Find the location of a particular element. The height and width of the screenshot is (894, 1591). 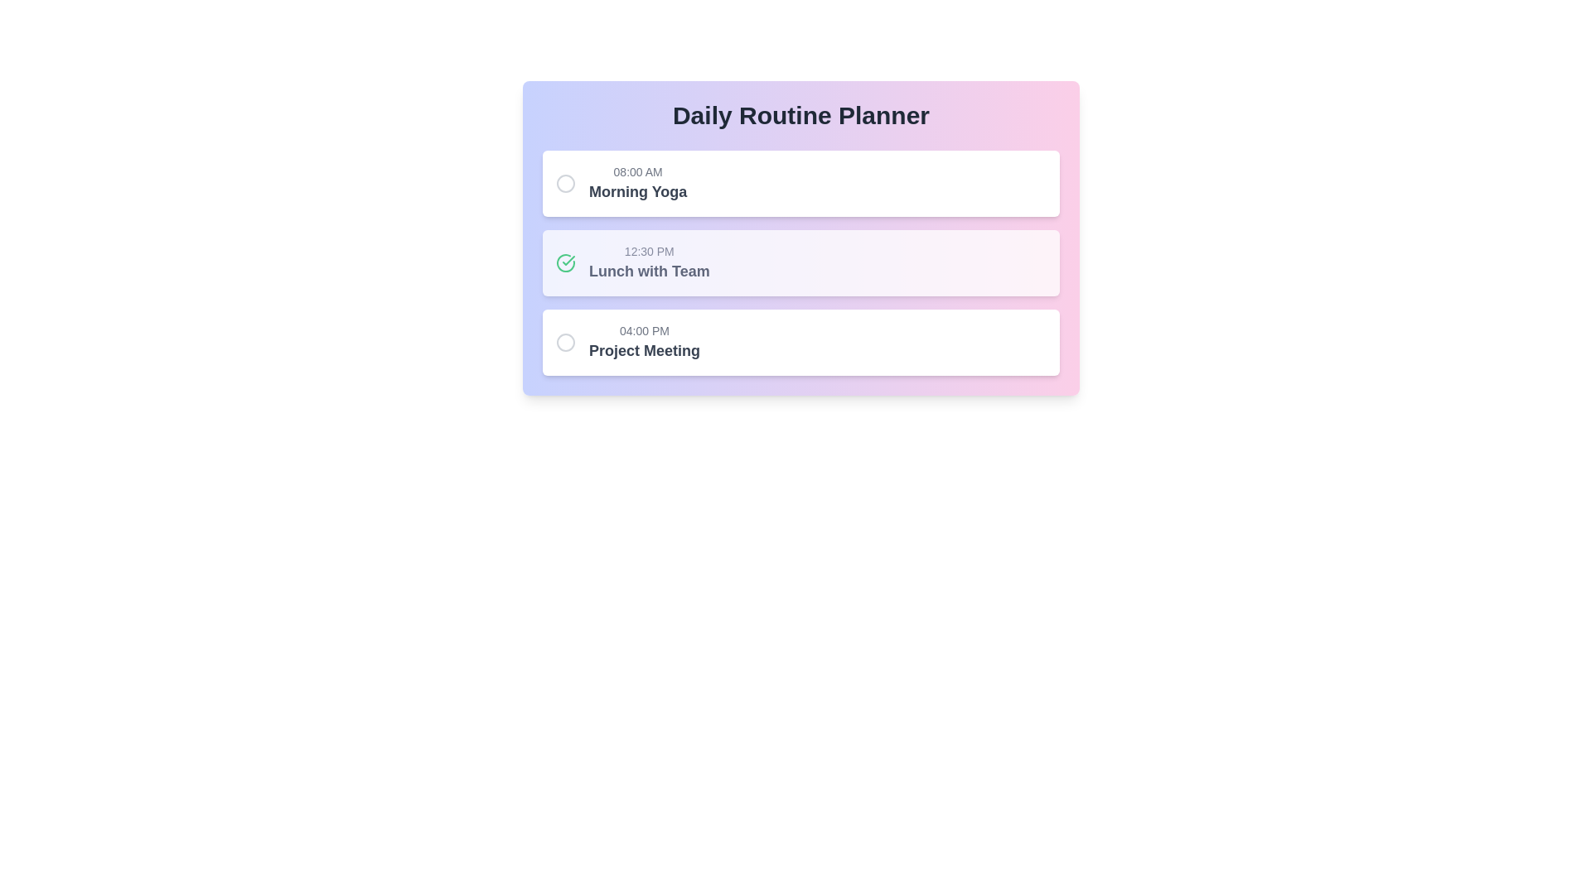

the task text for Lunch with Team is located at coordinates (648, 262).